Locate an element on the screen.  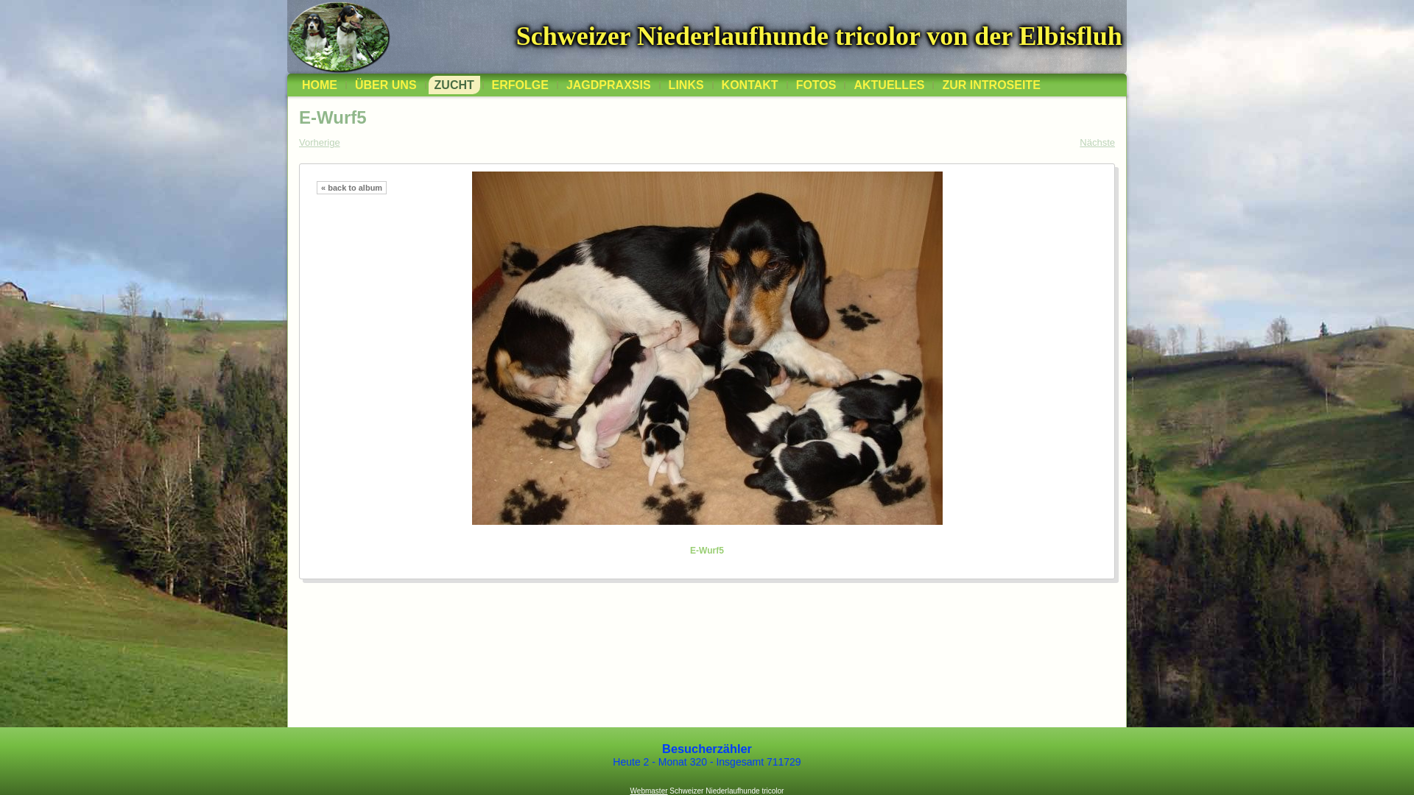
'JAGDPRAXSIS' is located at coordinates (608, 85).